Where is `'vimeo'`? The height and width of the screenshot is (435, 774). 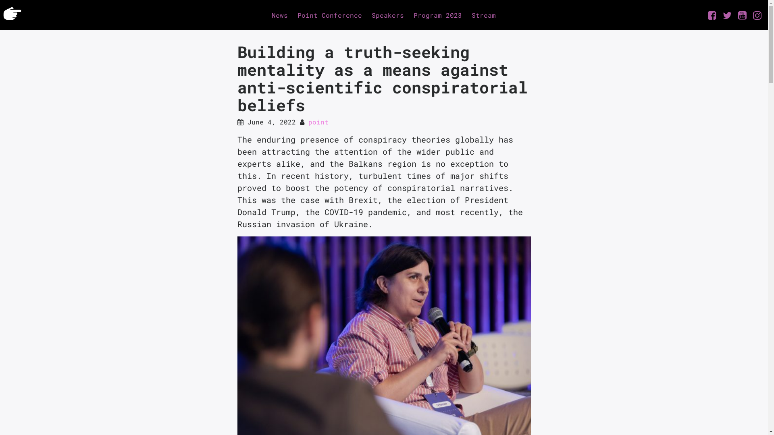 'vimeo' is located at coordinates (757, 15).